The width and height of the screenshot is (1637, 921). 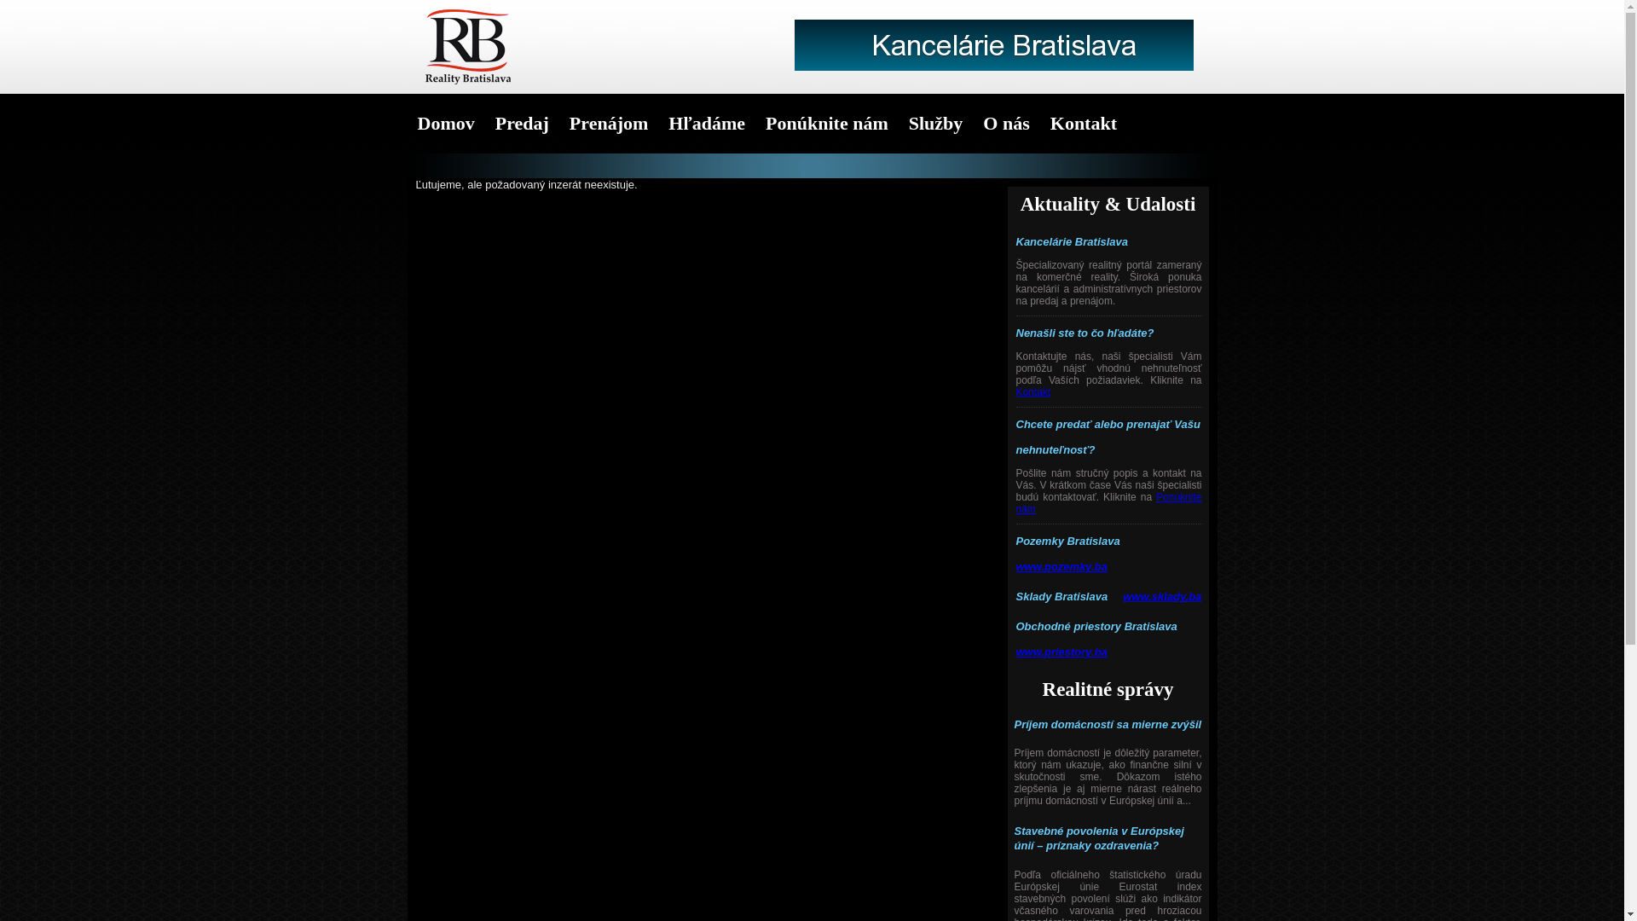 I want to click on 'Kontakt', so click(x=1033, y=391).